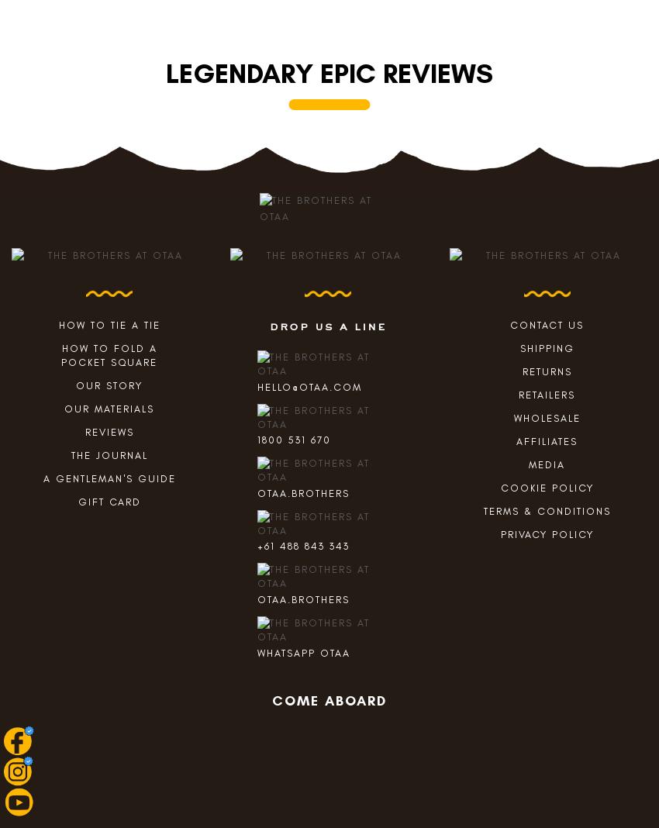 This screenshot has height=828, width=659. Describe the element at coordinates (257, 492) in the screenshot. I see `'OTAA.BROTHERS'` at that location.